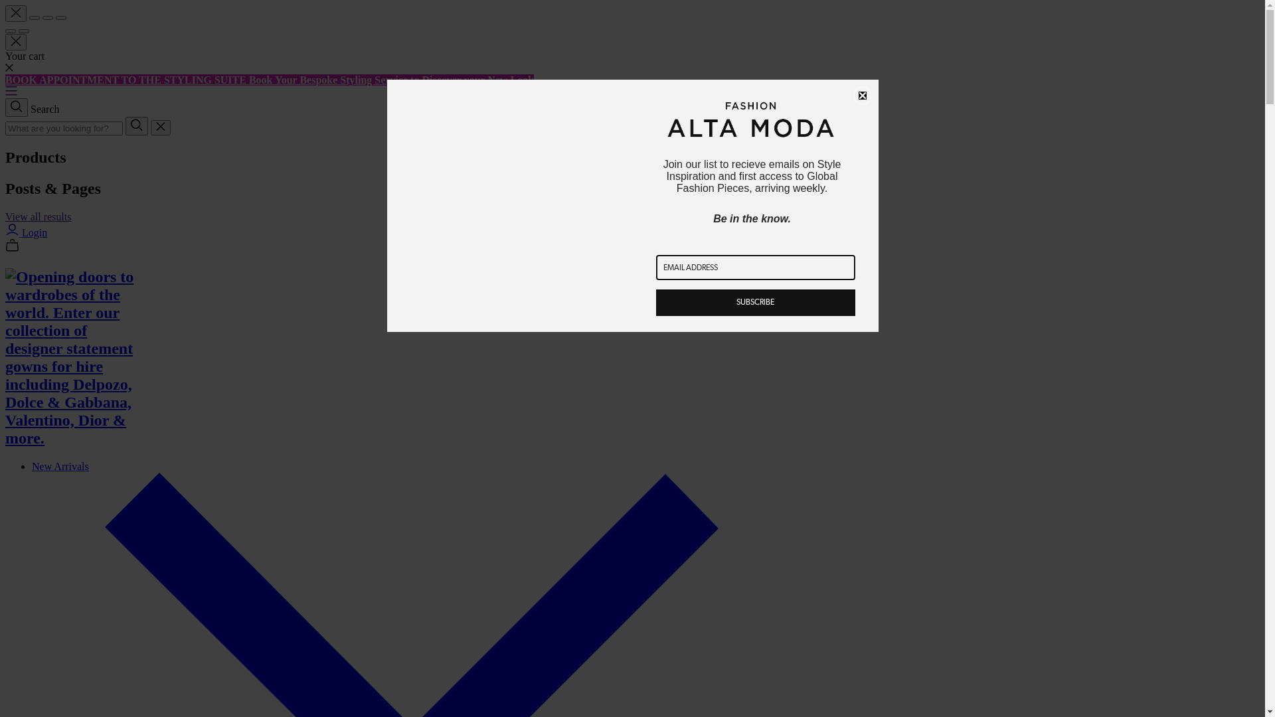 This screenshot has height=717, width=1275. What do you see at coordinates (60, 465) in the screenshot?
I see `'New Arrivals'` at bounding box center [60, 465].